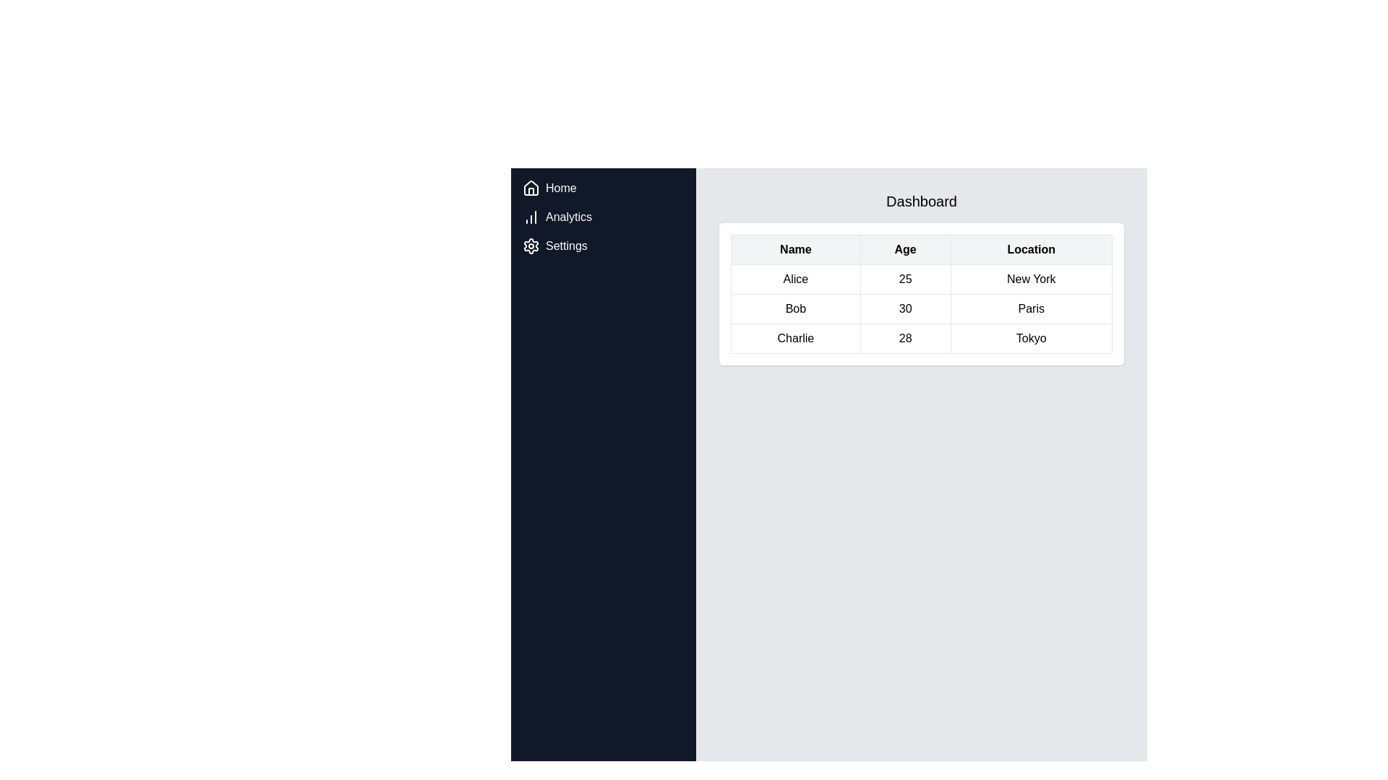 The height and width of the screenshot is (780, 1388). I want to click on the 'Location' column header in the table, which is the third header aligned with 'Name' and 'Age' under the 'Dashboard' title, so click(1030, 249).